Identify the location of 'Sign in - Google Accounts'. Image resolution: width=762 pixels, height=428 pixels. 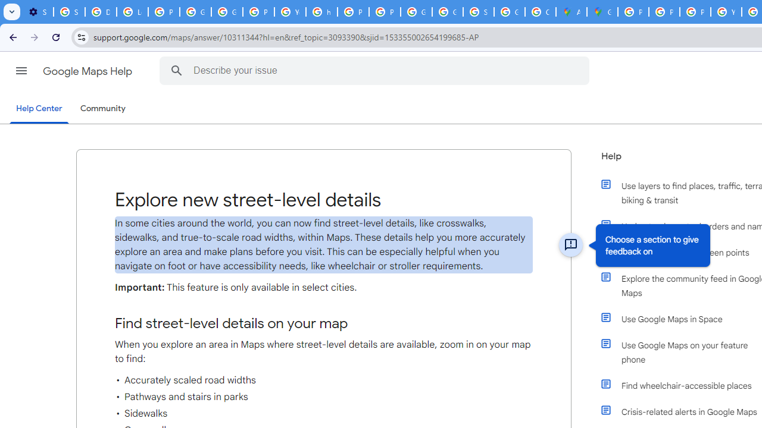
(478, 12).